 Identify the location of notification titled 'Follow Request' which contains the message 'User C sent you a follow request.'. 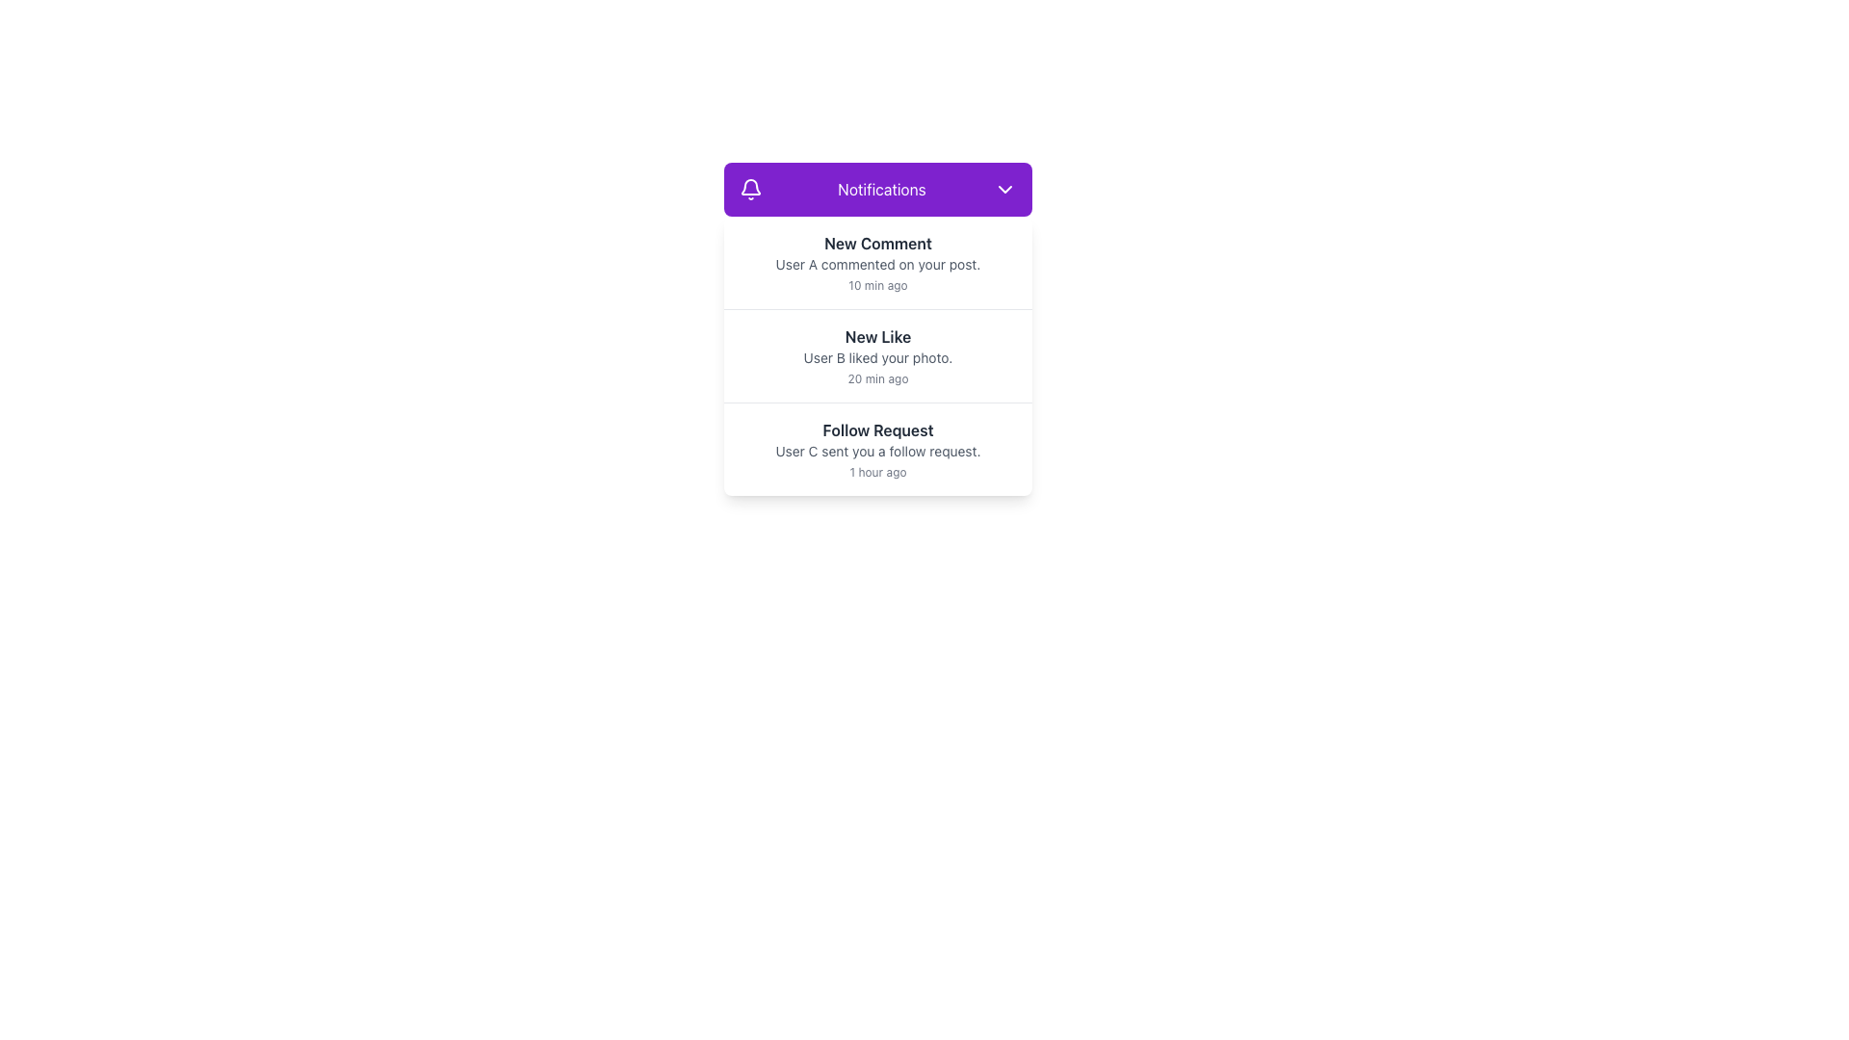
(877, 449).